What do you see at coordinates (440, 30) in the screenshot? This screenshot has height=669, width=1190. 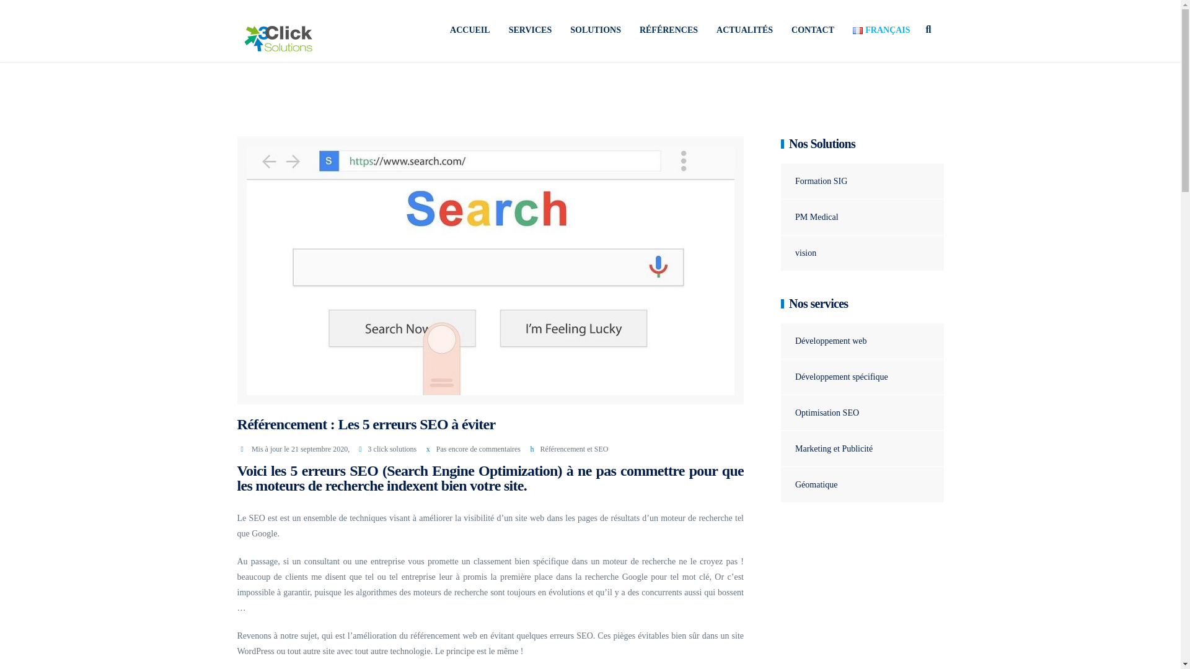 I see `'ACCUEIL'` at bounding box center [440, 30].